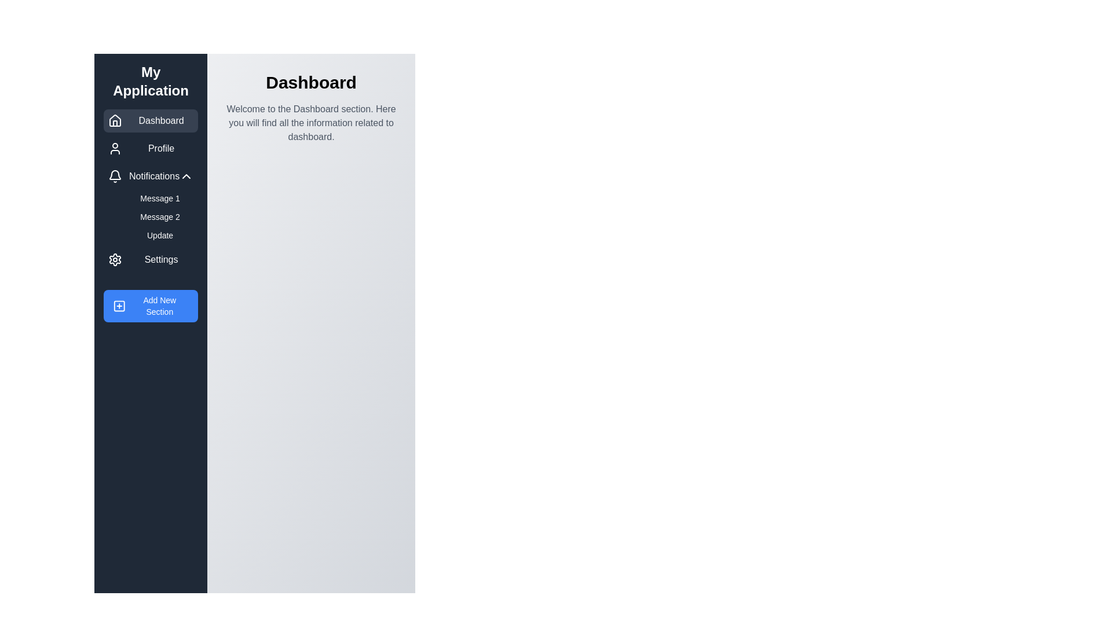 The width and height of the screenshot is (1112, 625). What do you see at coordinates (159, 235) in the screenshot?
I see `the 'Update' button, which is the third item in the vertical list inside the 'Notifications' section of the application's sidebar` at bounding box center [159, 235].